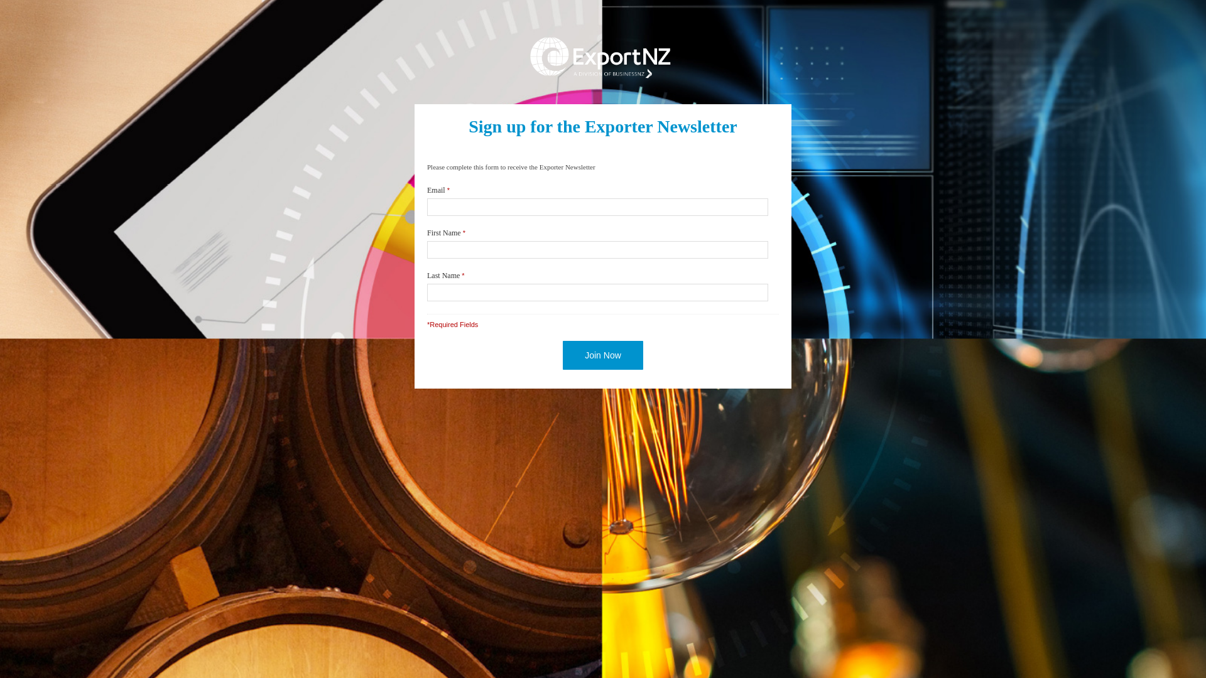 This screenshot has height=678, width=1206. Describe the element at coordinates (603, 355) in the screenshot. I see `'Join Now'` at that location.